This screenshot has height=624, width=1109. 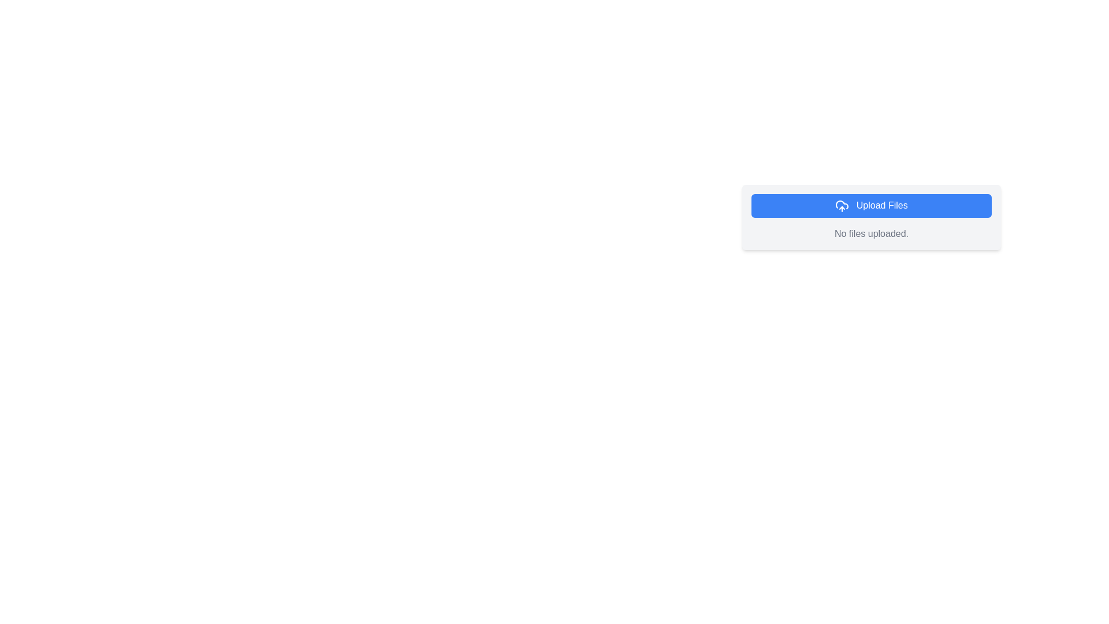 What do you see at coordinates (871, 217) in the screenshot?
I see `the 'Upload Files' button located centrally within the modal, which serves as a prompt for the user to upload files` at bounding box center [871, 217].